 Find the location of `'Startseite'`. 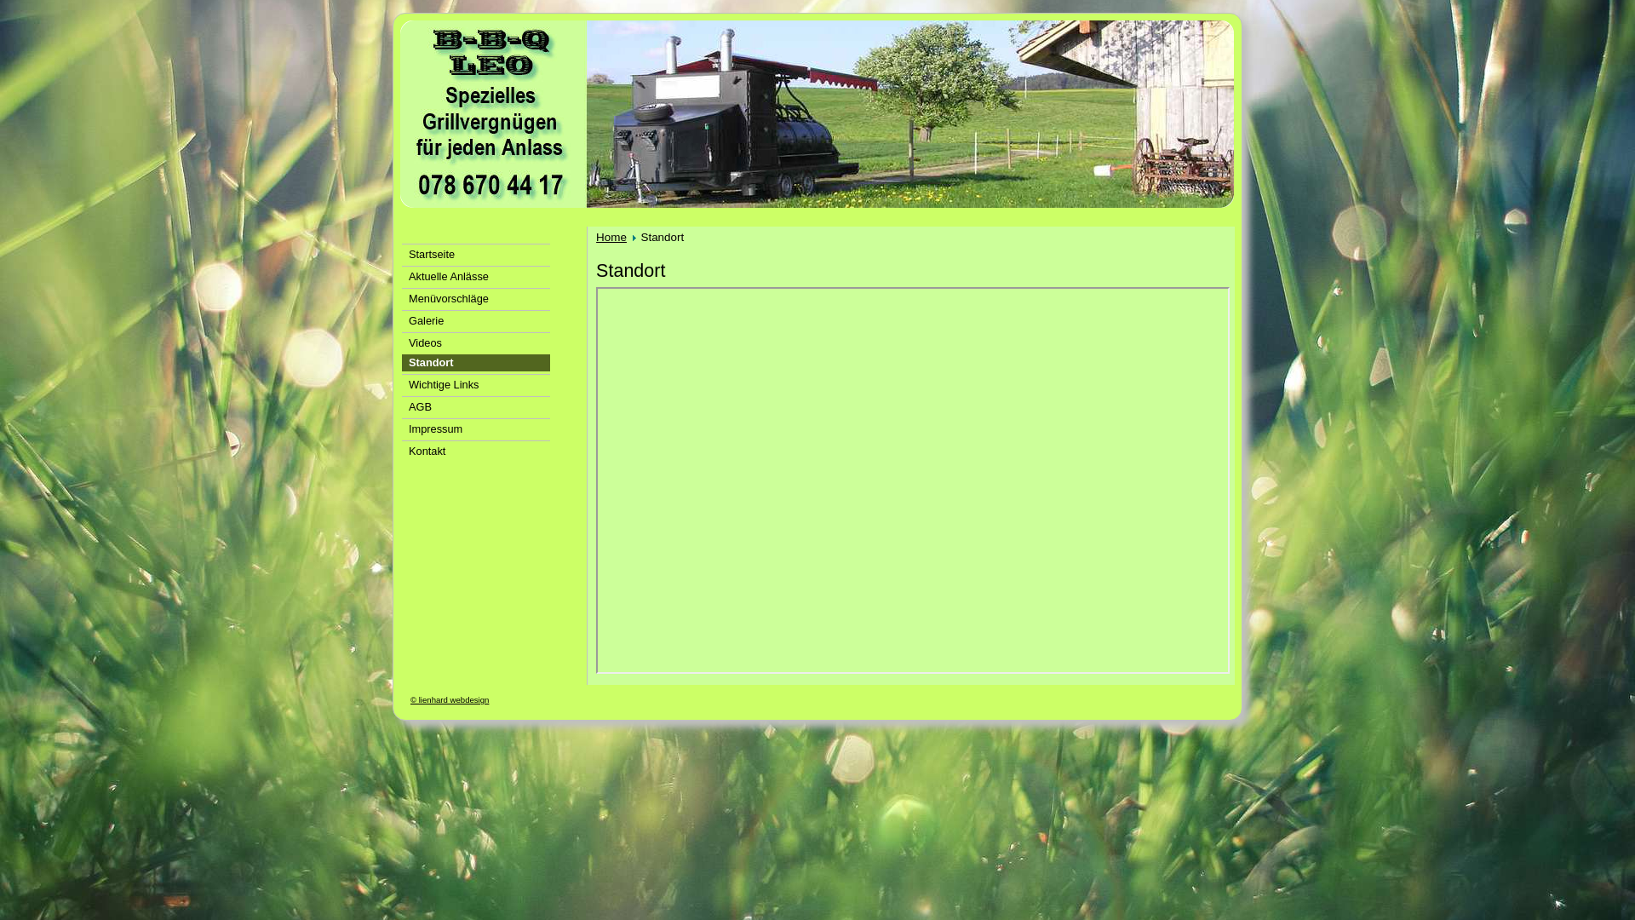

'Startseite' is located at coordinates (475, 253).